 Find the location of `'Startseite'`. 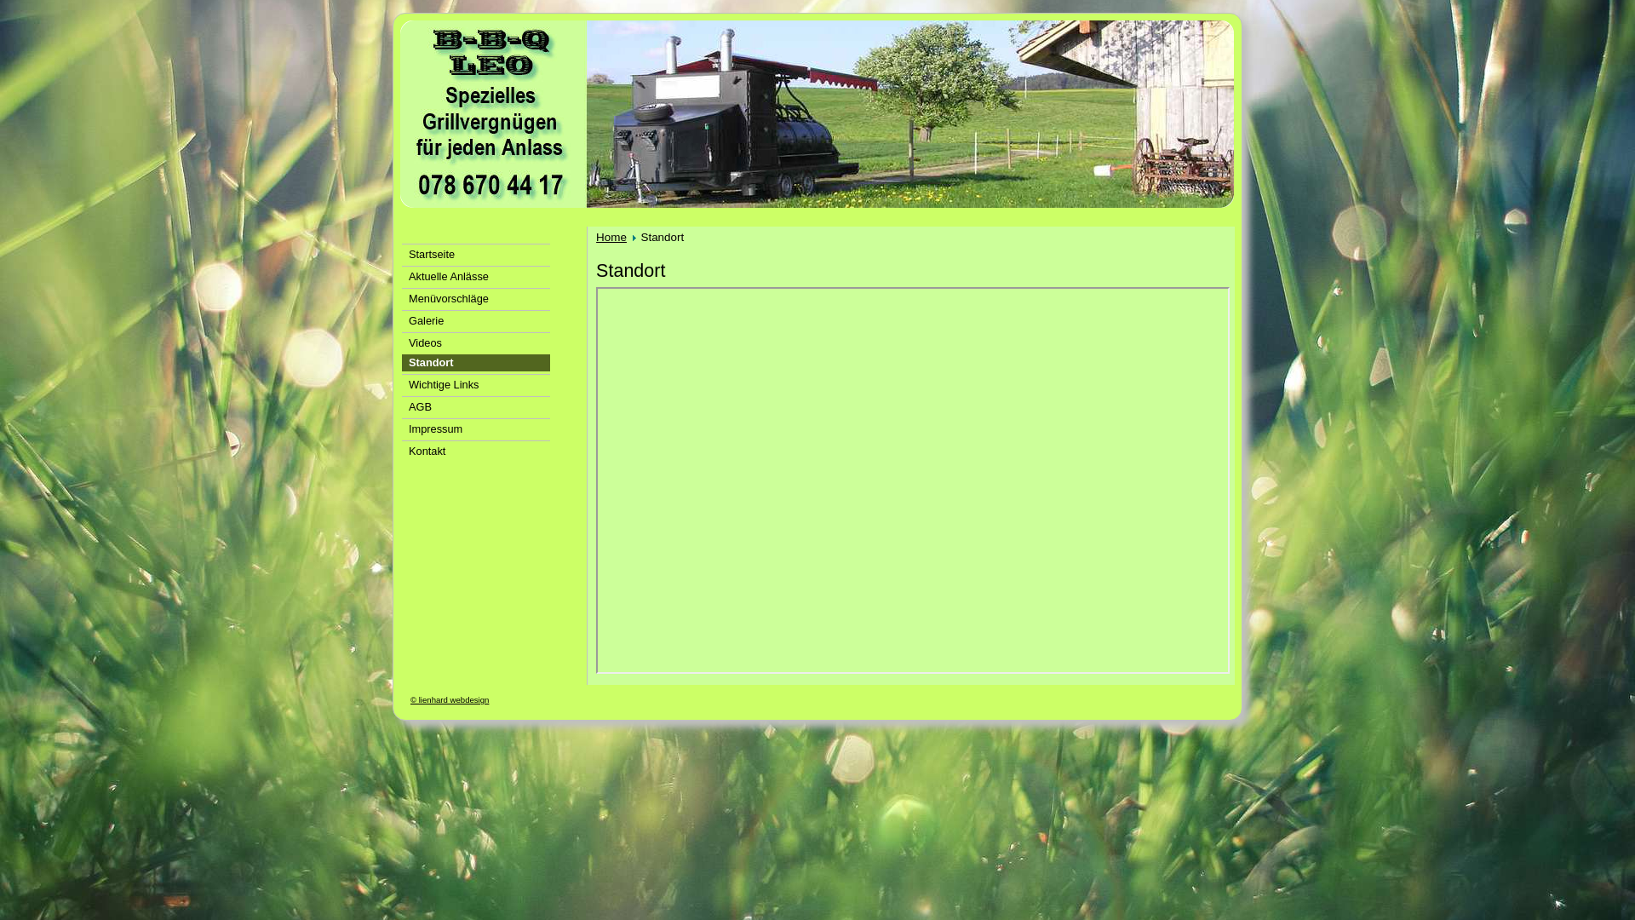

'Startseite' is located at coordinates (475, 253).